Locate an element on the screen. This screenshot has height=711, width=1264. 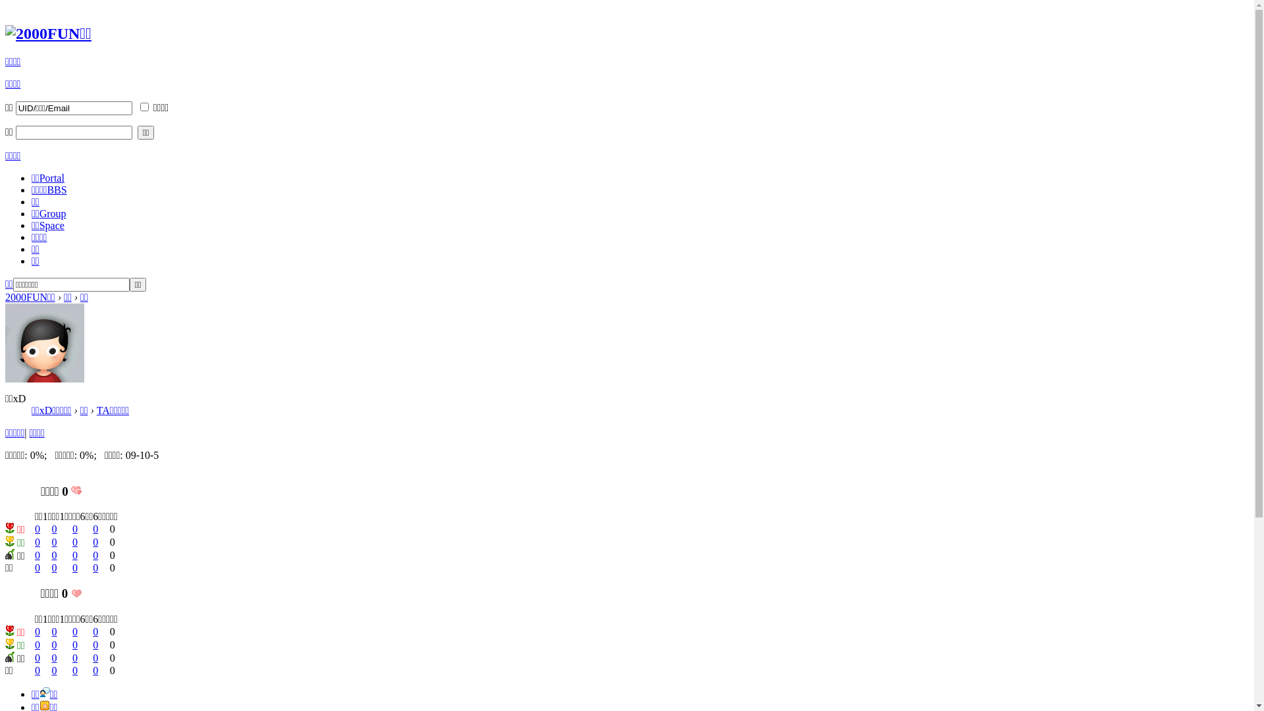
'0' is located at coordinates (72, 670).